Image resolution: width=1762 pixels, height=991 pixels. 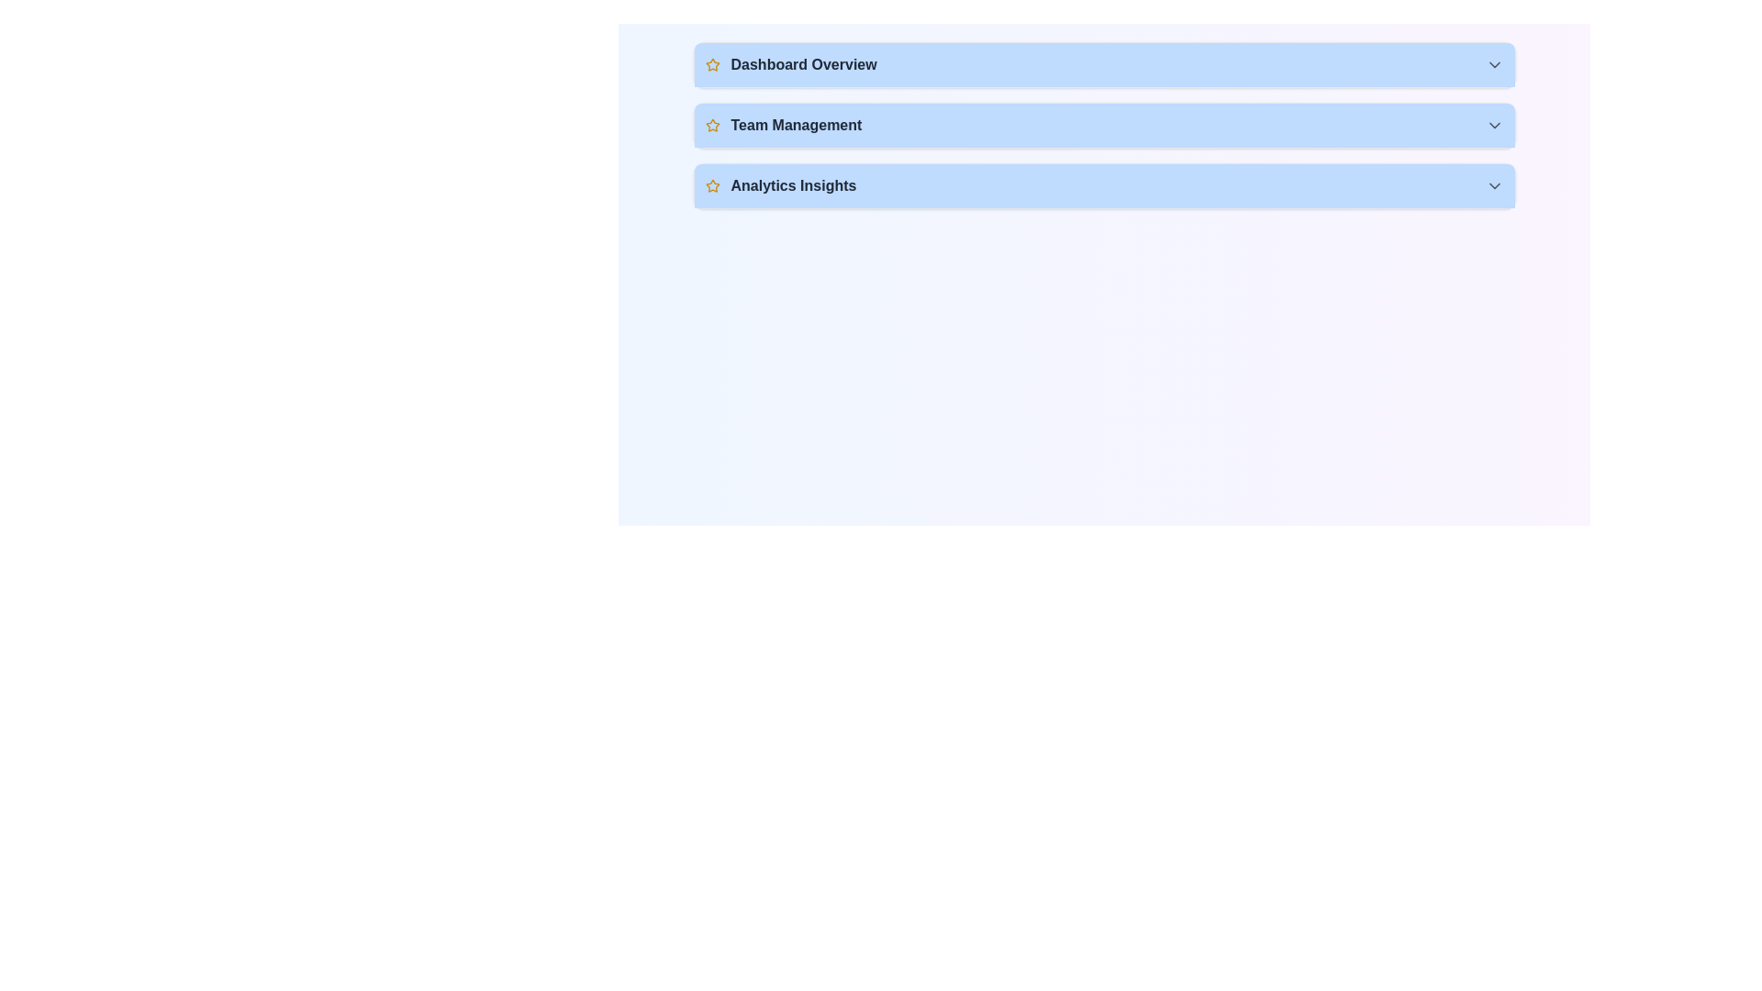 What do you see at coordinates (791, 63) in the screenshot?
I see `the Clickable Section Header with a star icon and bold text reading 'Dashboard Overview'` at bounding box center [791, 63].